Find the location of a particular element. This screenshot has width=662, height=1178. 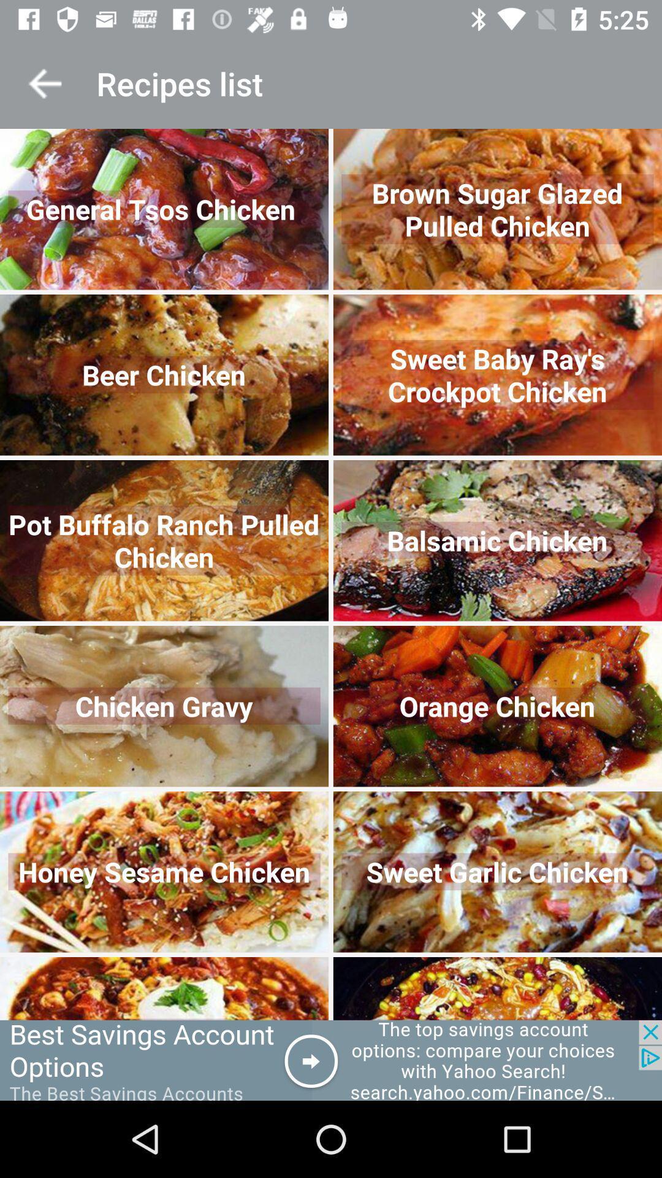

seta para voltar a anterior is located at coordinates (44, 83).